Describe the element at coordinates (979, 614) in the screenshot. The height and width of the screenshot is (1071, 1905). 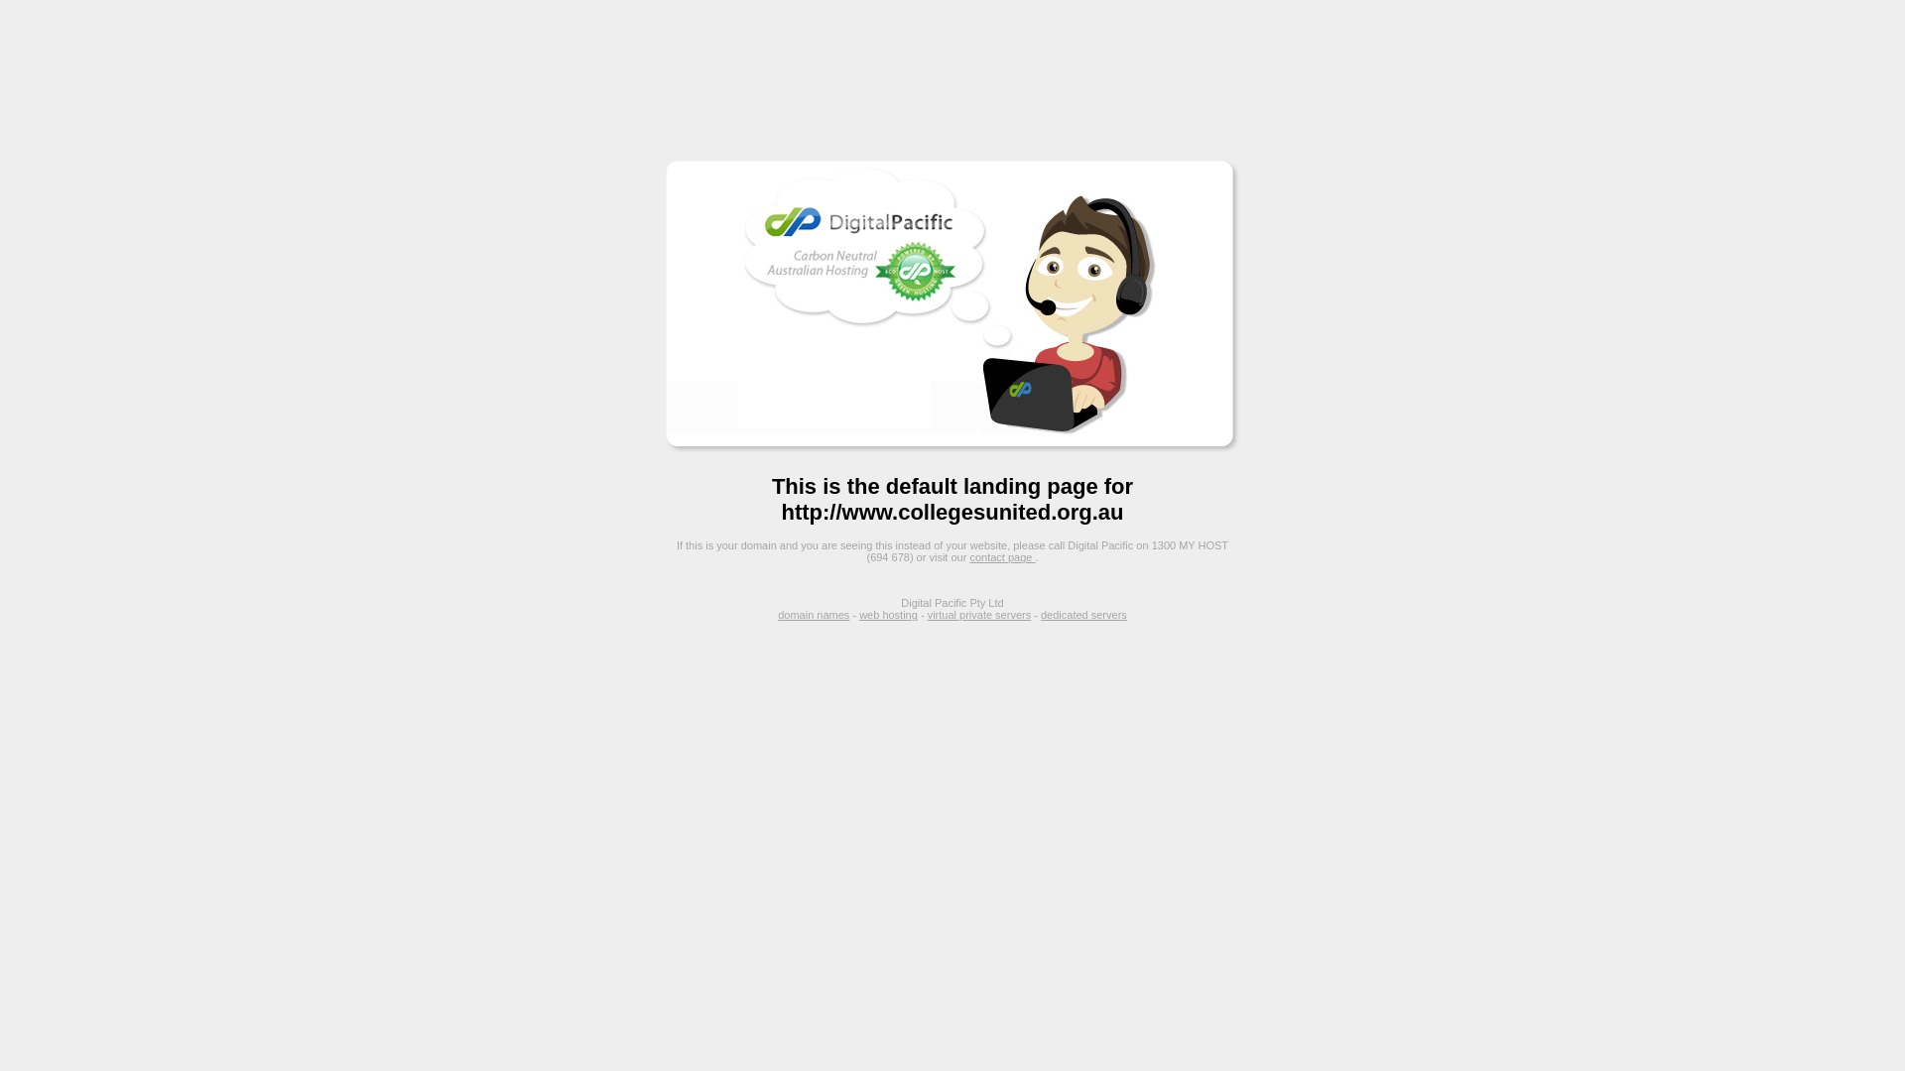
I see `'virtual private servers'` at that location.